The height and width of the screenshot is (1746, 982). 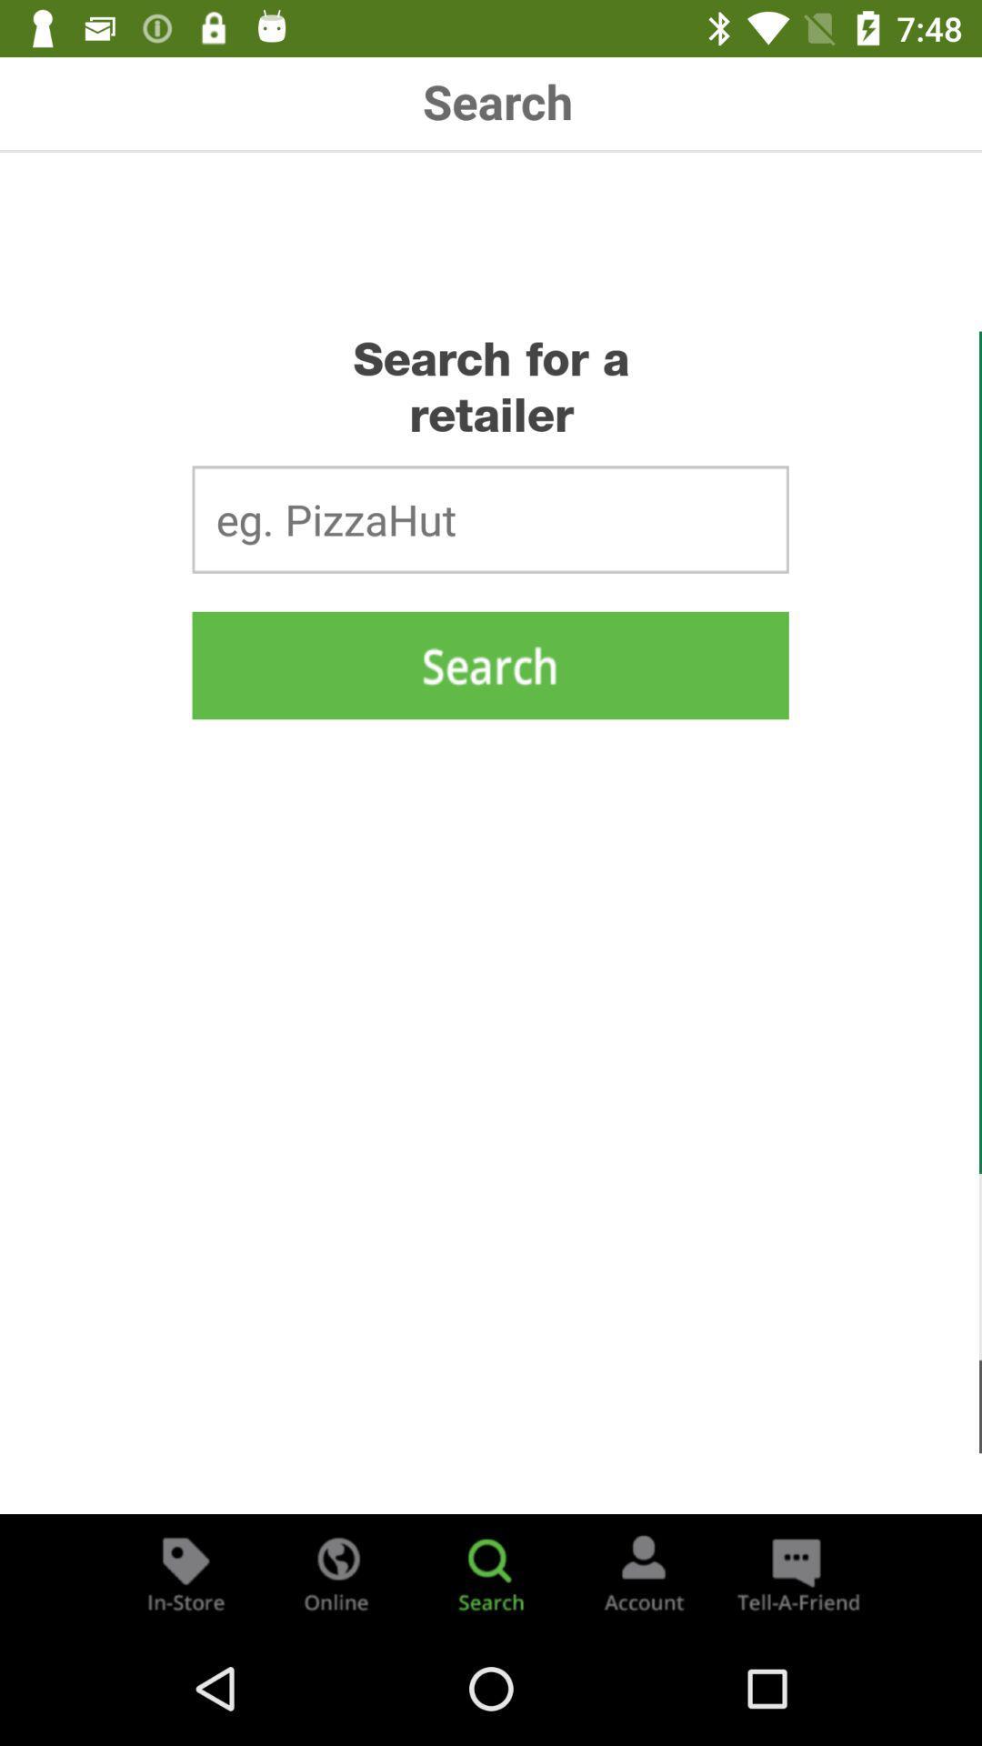 I want to click on the store, so click(x=185, y=1571).